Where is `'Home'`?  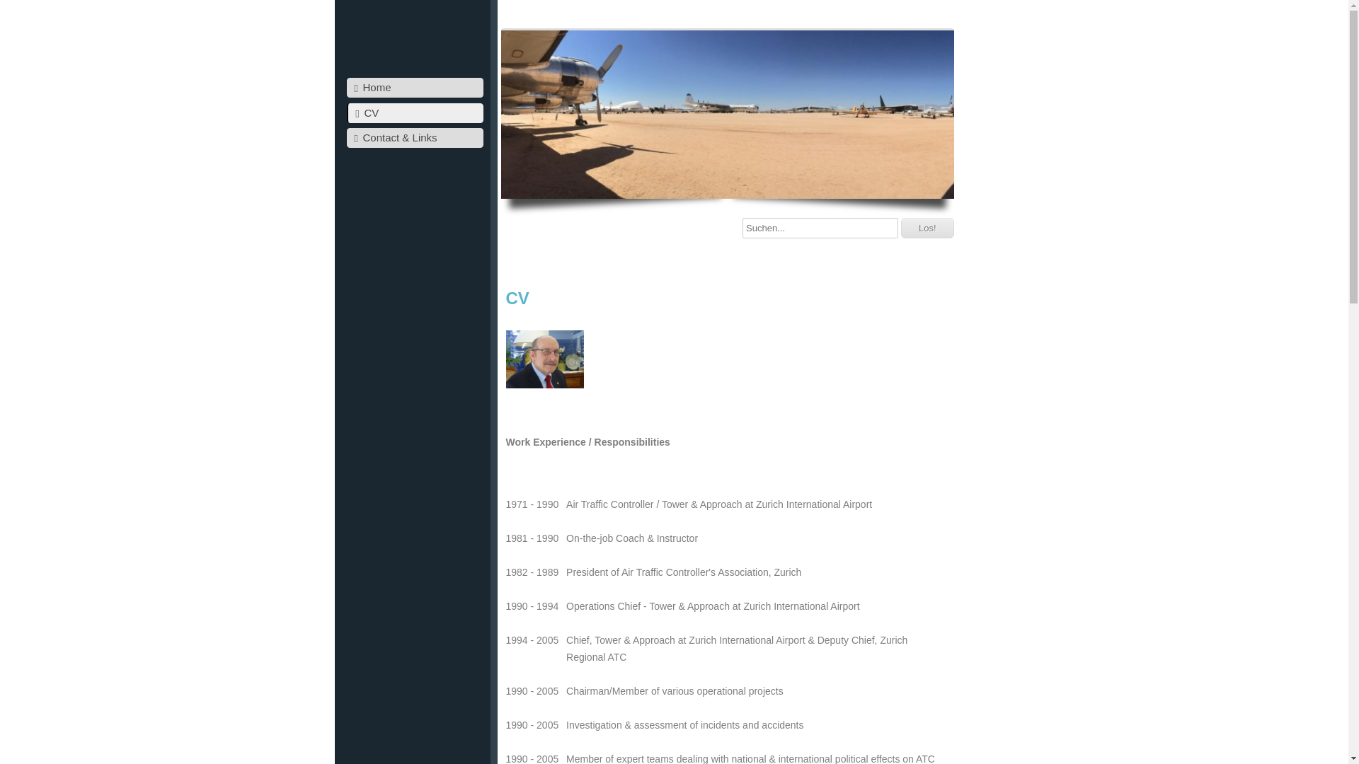
'Home' is located at coordinates (346, 87).